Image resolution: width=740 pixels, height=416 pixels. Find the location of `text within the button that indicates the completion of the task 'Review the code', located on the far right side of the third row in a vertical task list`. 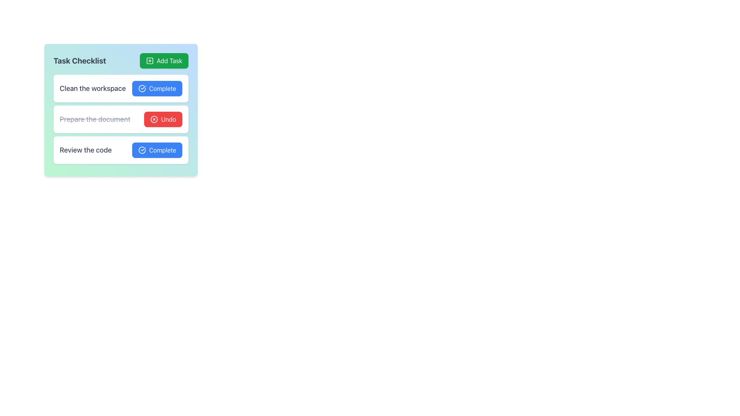

text within the button that indicates the completion of the task 'Review the code', located on the far right side of the third row in a vertical task list is located at coordinates (162, 150).